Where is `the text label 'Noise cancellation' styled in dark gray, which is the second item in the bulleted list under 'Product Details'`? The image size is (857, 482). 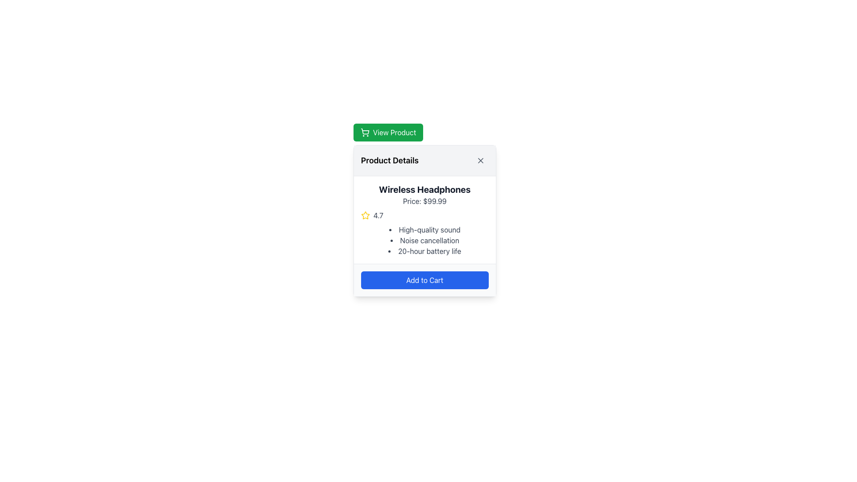
the text label 'Noise cancellation' styled in dark gray, which is the second item in the bulleted list under 'Product Details' is located at coordinates (424, 240).